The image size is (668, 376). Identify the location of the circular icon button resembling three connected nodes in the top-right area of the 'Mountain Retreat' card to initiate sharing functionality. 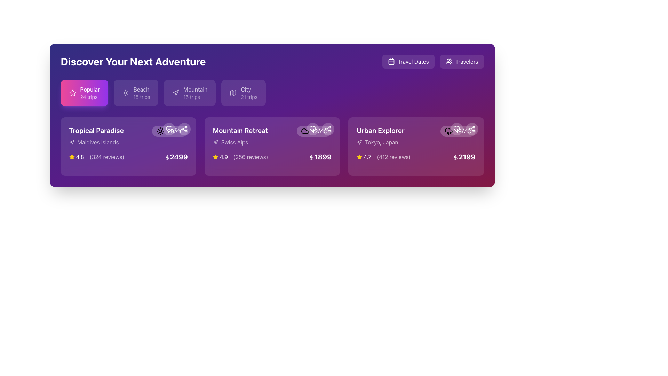
(328, 129).